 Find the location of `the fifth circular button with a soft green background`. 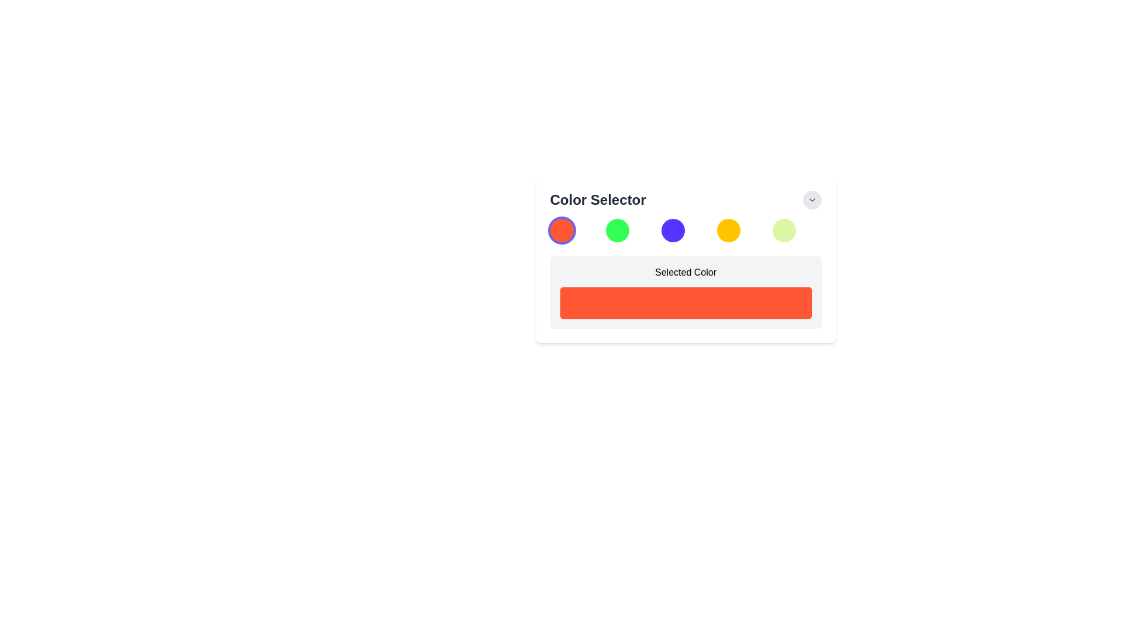

the fifth circular button with a soft green background is located at coordinates (784, 230).